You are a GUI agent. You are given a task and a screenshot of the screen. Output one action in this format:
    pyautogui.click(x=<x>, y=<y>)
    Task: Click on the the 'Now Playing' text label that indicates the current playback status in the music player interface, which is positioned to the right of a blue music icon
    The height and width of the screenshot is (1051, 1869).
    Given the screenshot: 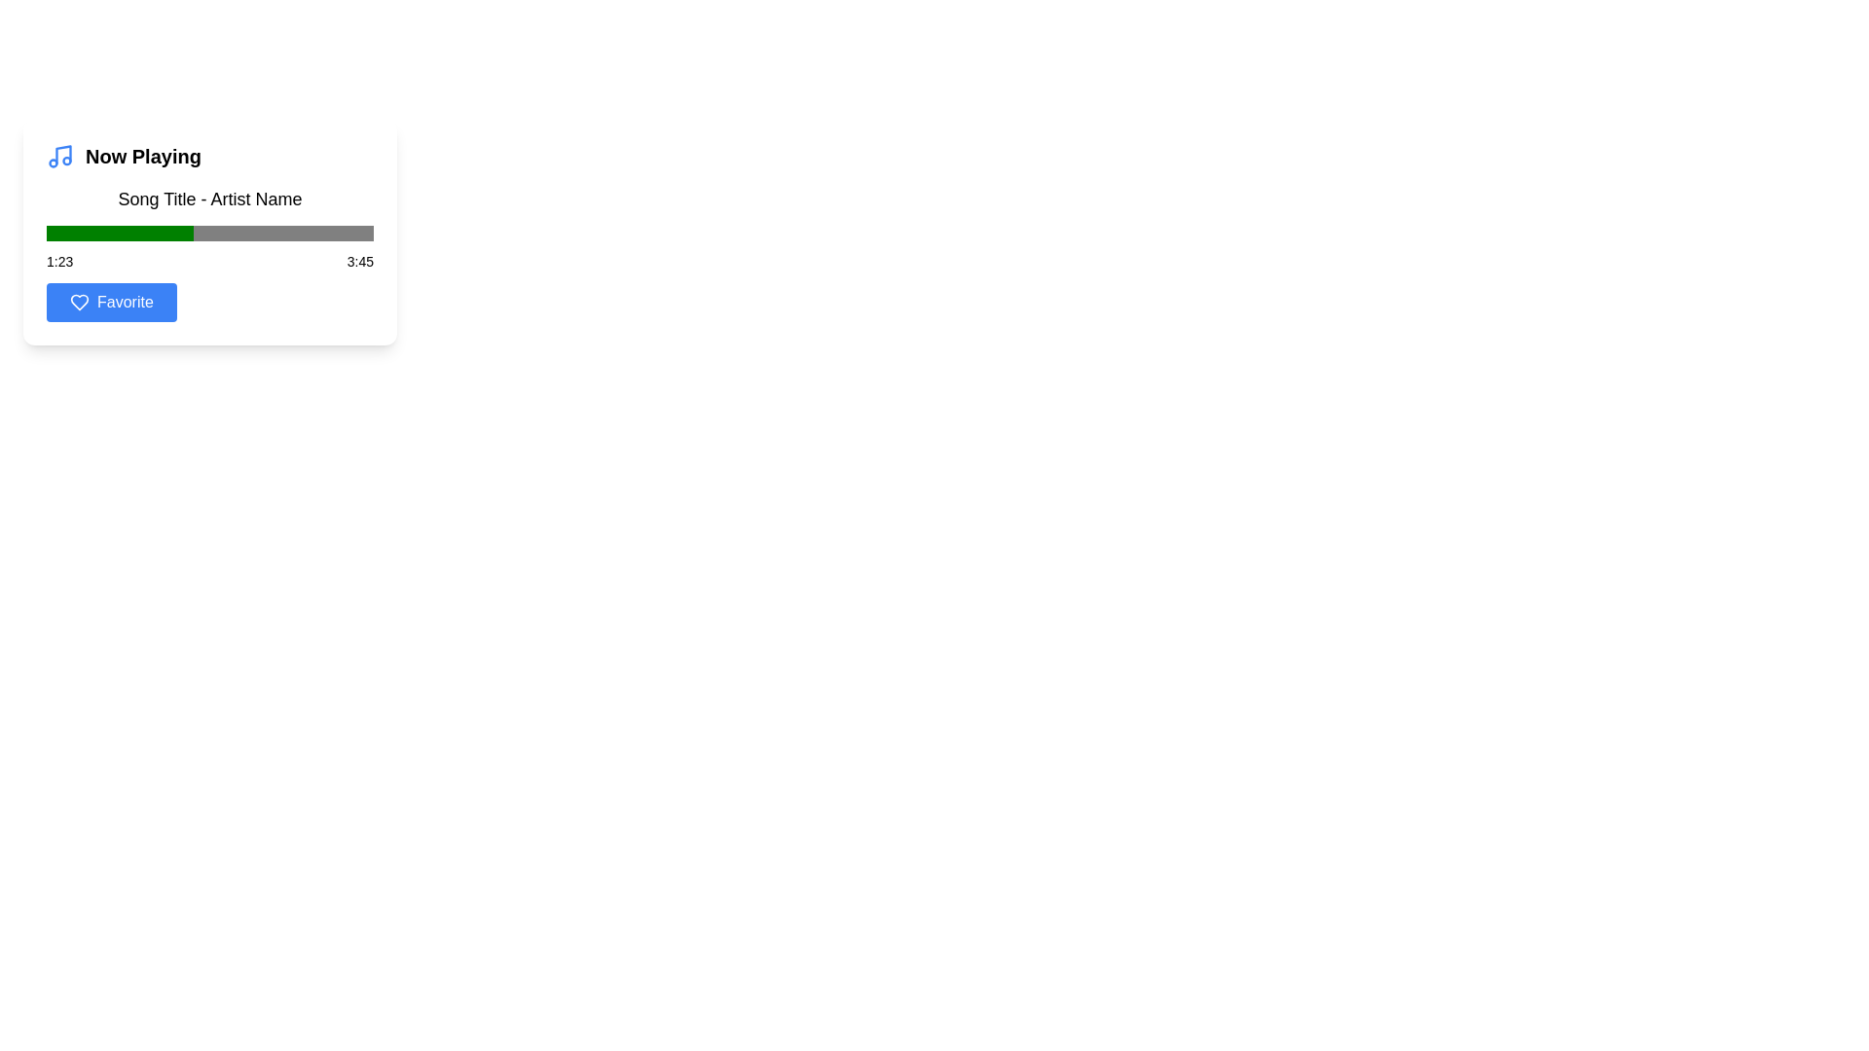 What is the action you would take?
    pyautogui.click(x=142, y=156)
    